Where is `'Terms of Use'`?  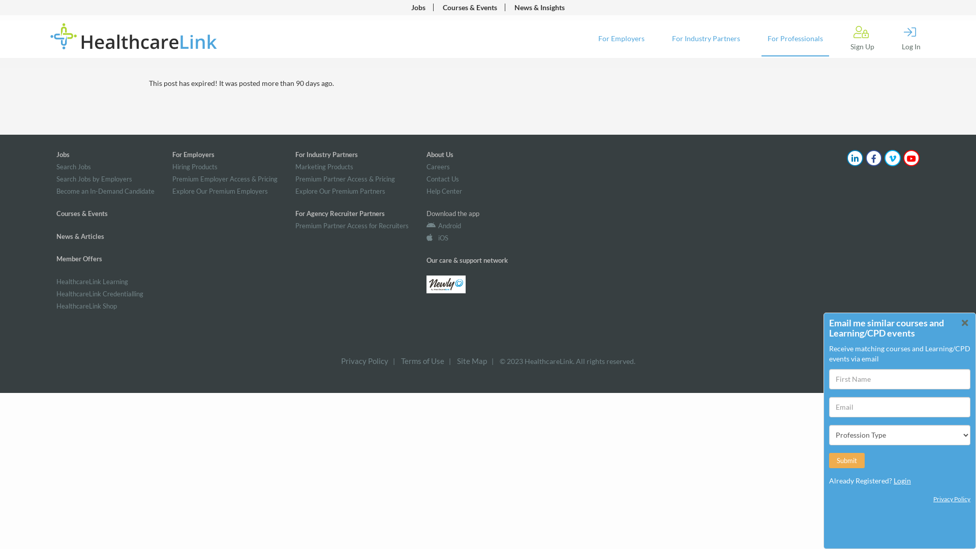
'Terms of Use' is located at coordinates (400, 360).